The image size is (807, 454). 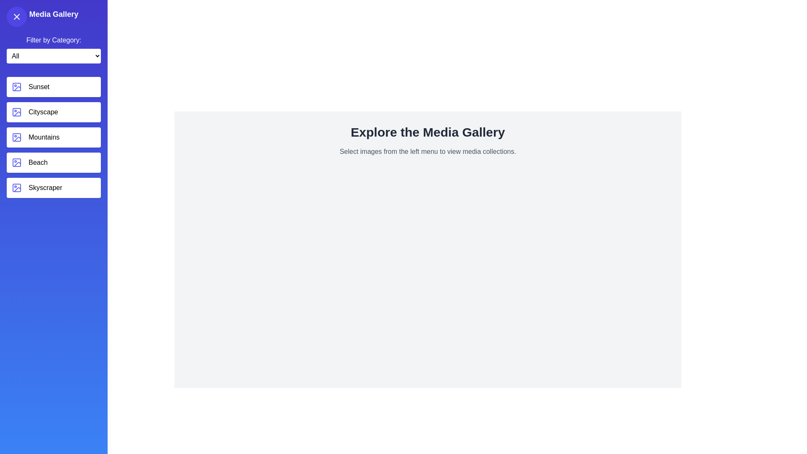 What do you see at coordinates (53, 56) in the screenshot?
I see `the filter category Nature from the dropdown menu` at bounding box center [53, 56].